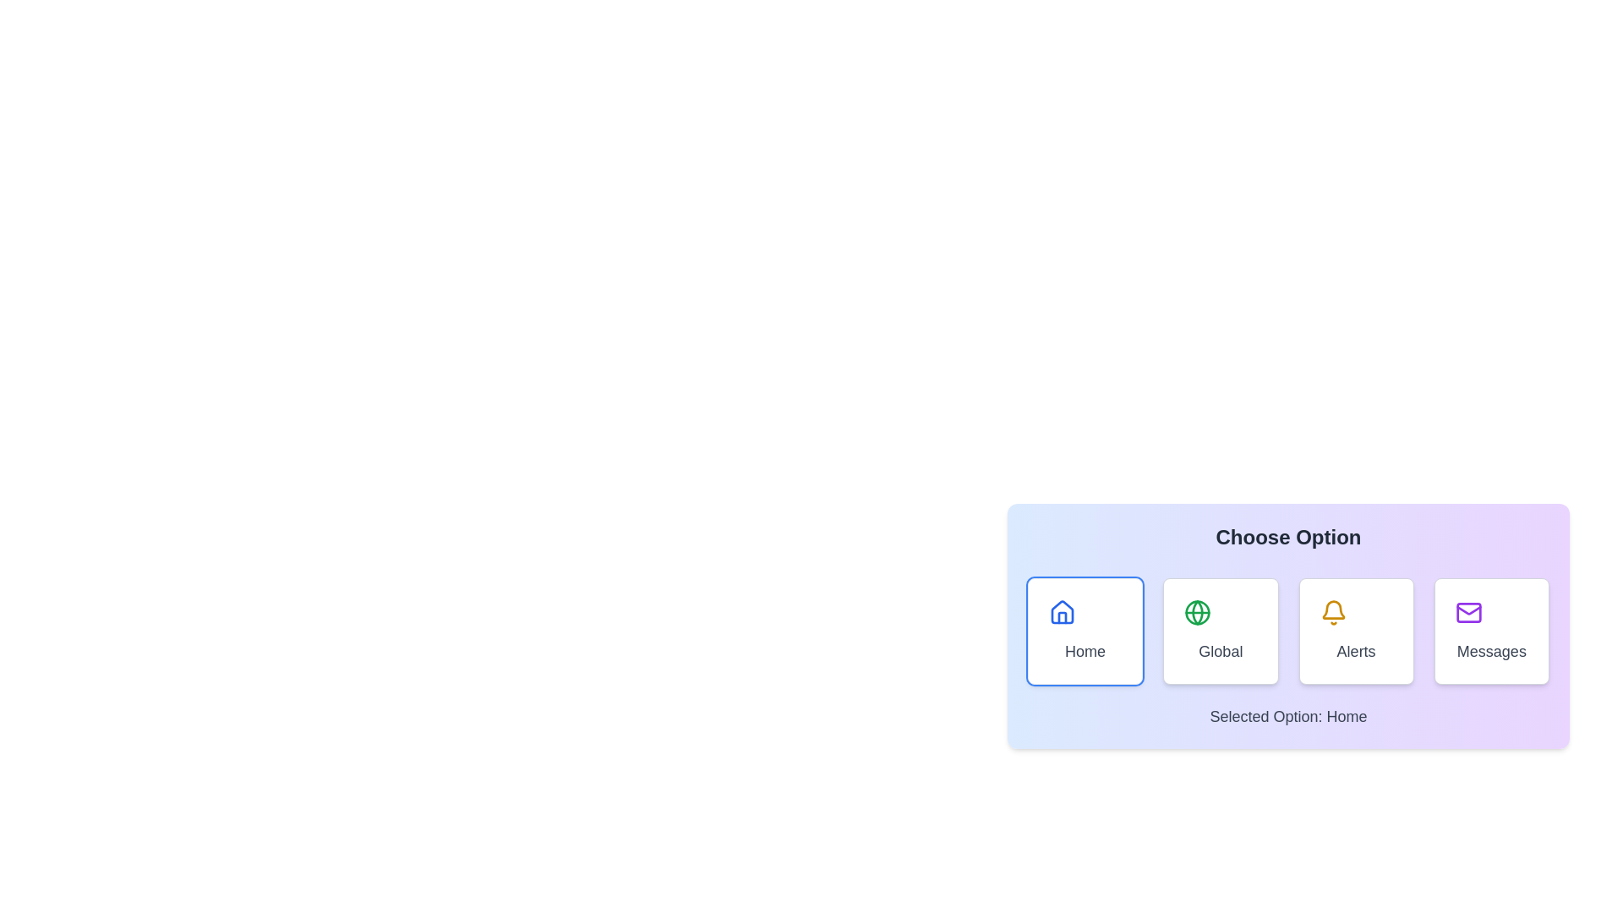 Image resolution: width=1623 pixels, height=913 pixels. I want to click on 'Global' text label, which serves as a descriptor for the associated card option located in the bottom-middle part of the card, directly below the green globe icon, so click(1221, 651).